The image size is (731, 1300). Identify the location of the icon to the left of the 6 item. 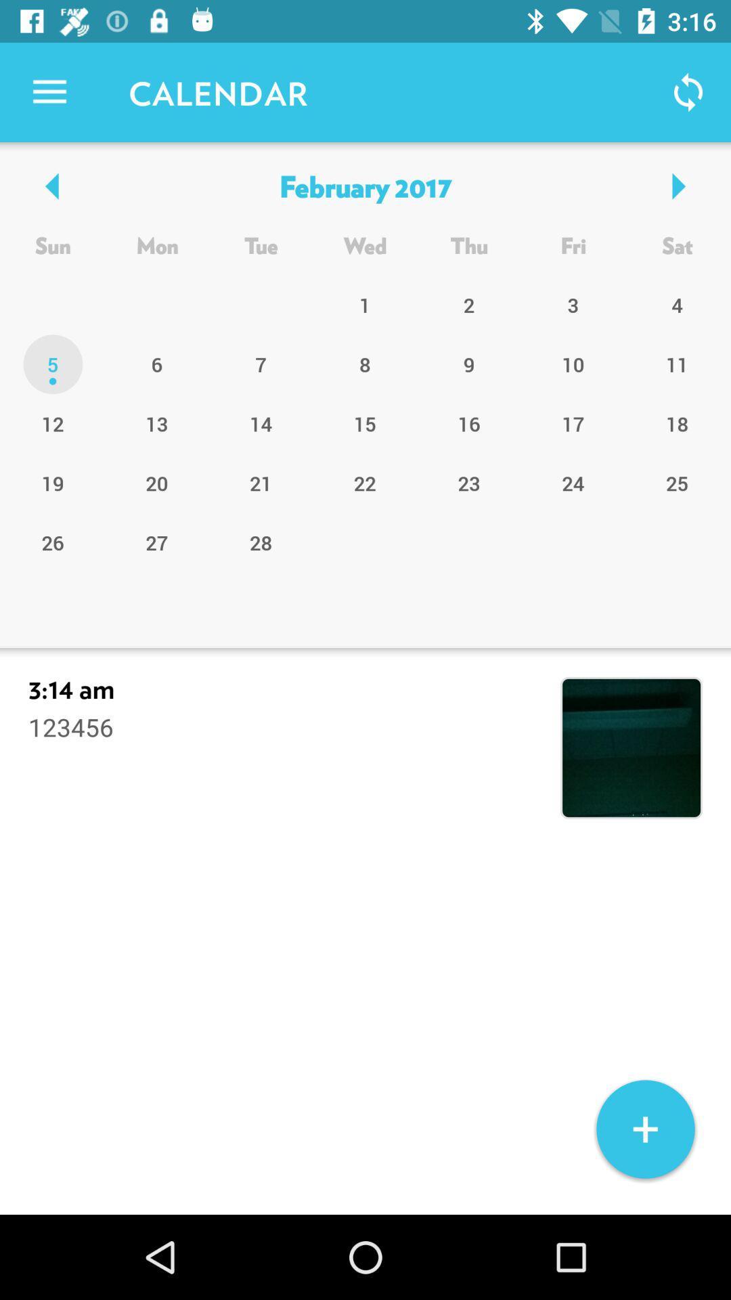
(52, 422).